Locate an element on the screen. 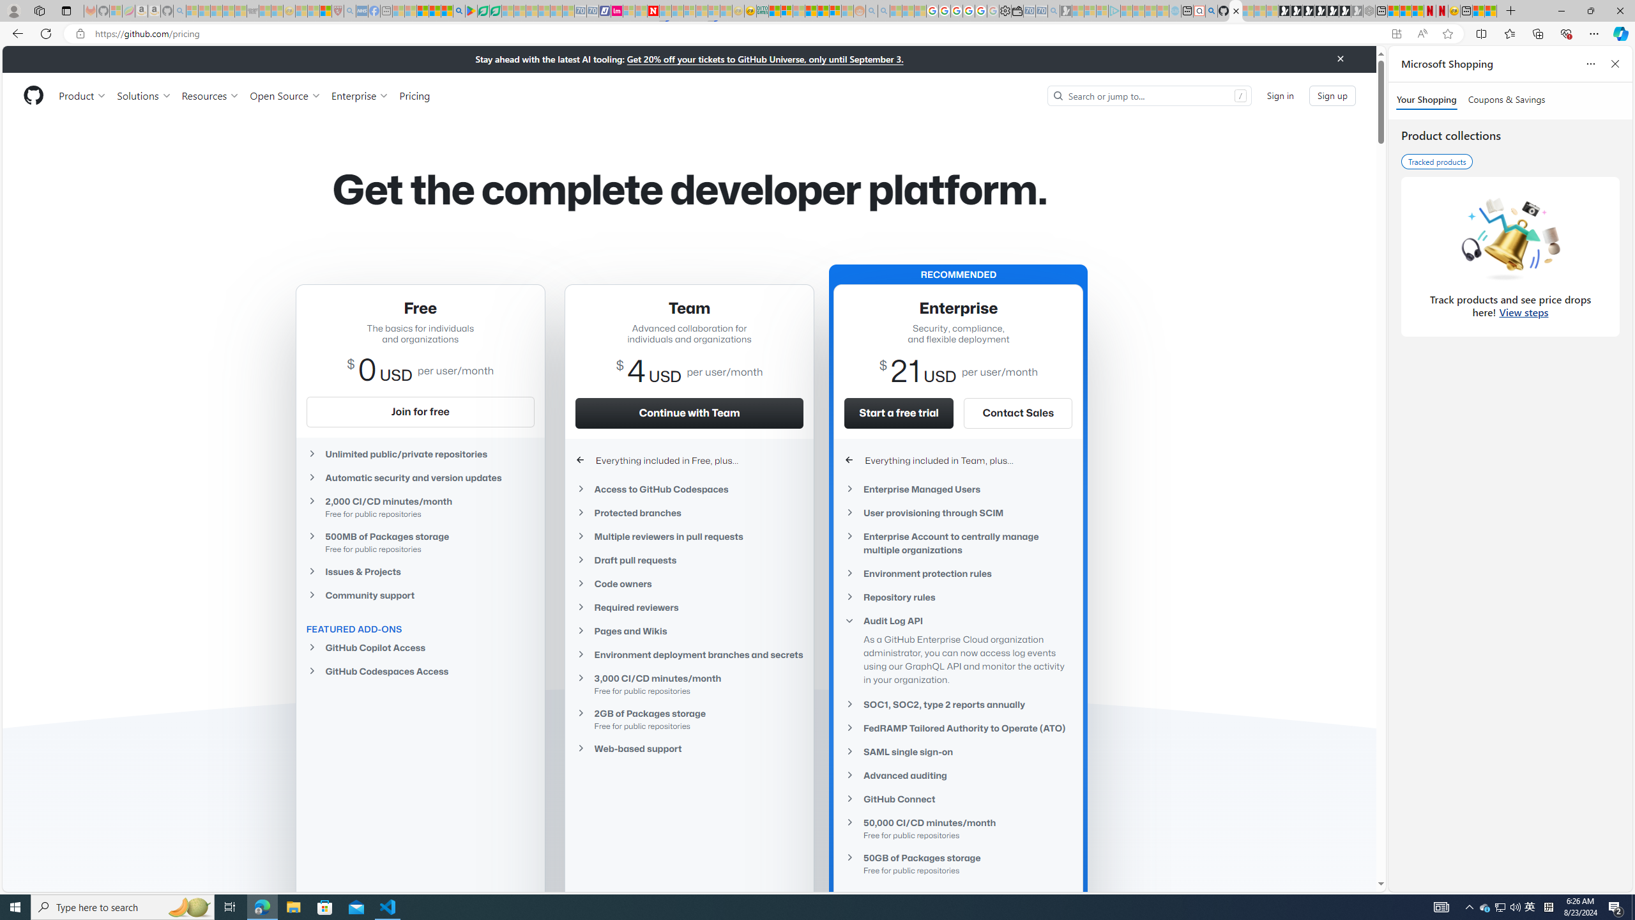  'Expert Portfolios' is located at coordinates (810, 10).